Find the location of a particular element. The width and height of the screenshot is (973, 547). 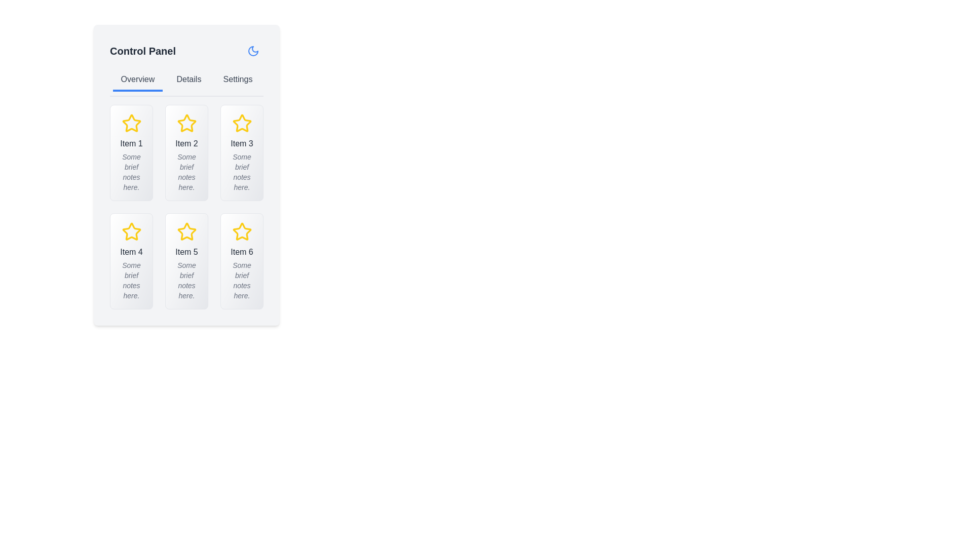

the star icon located in the center of the top row of the grid, specifically above the text 'Item 2' in the second card from the left in the 'Overview' tab of the 'Control Panel' interface is located at coordinates (186, 123).